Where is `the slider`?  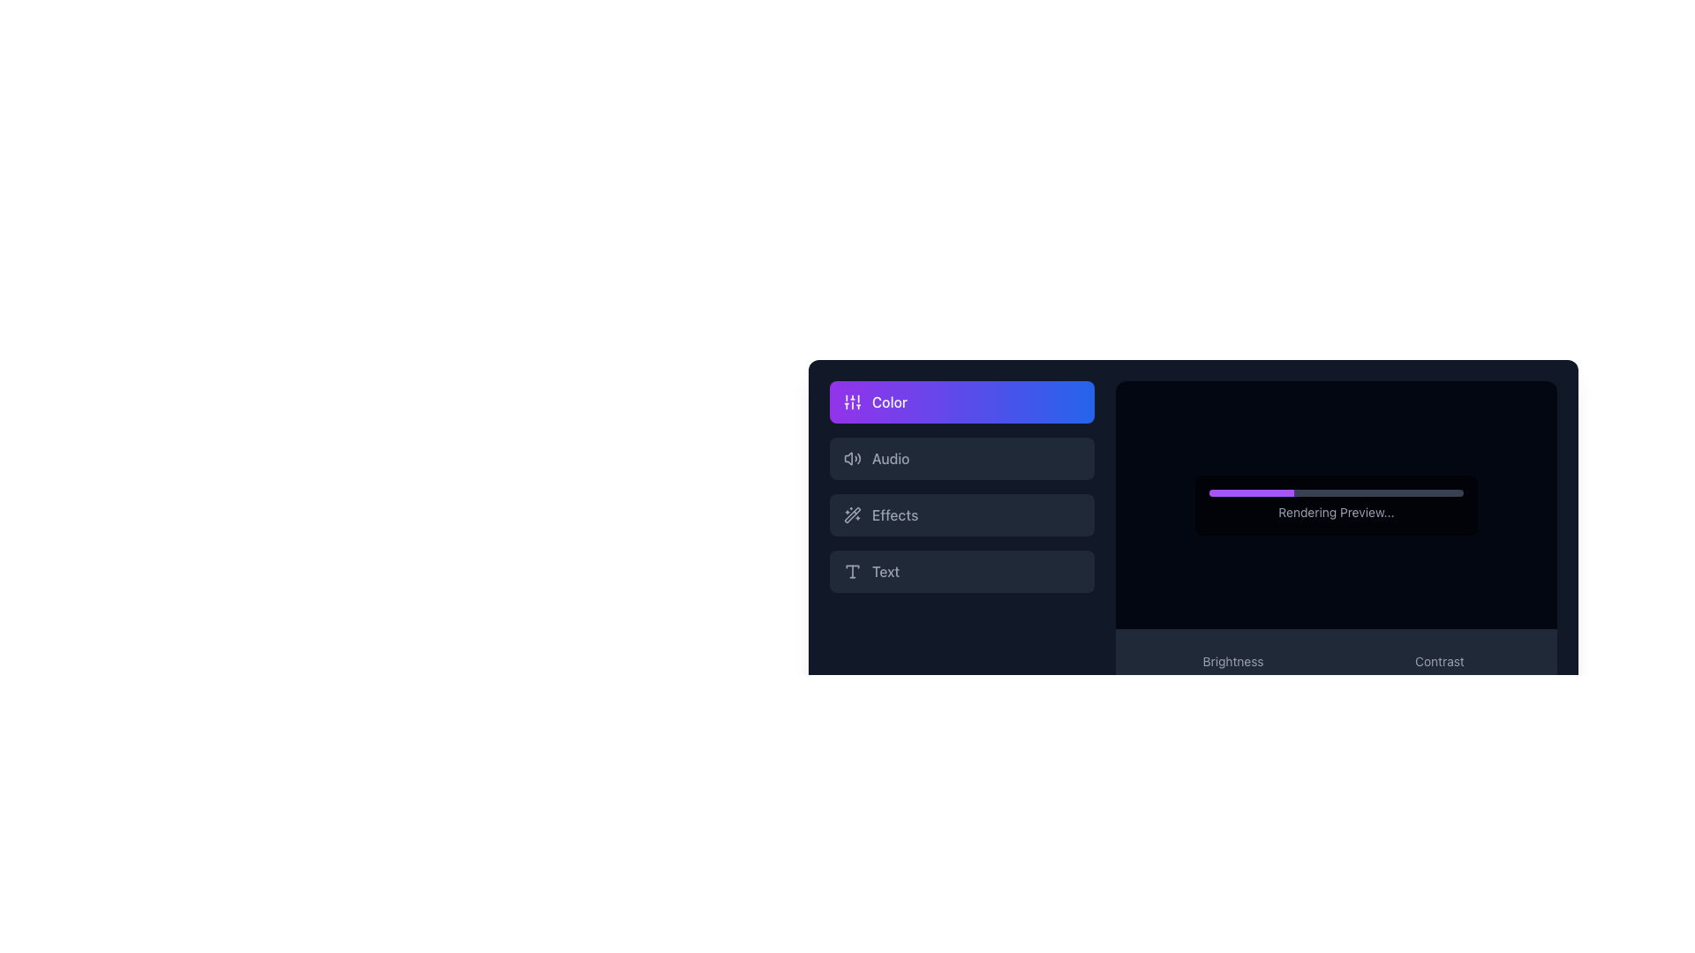
the slider is located at coordinates (1322, 685).